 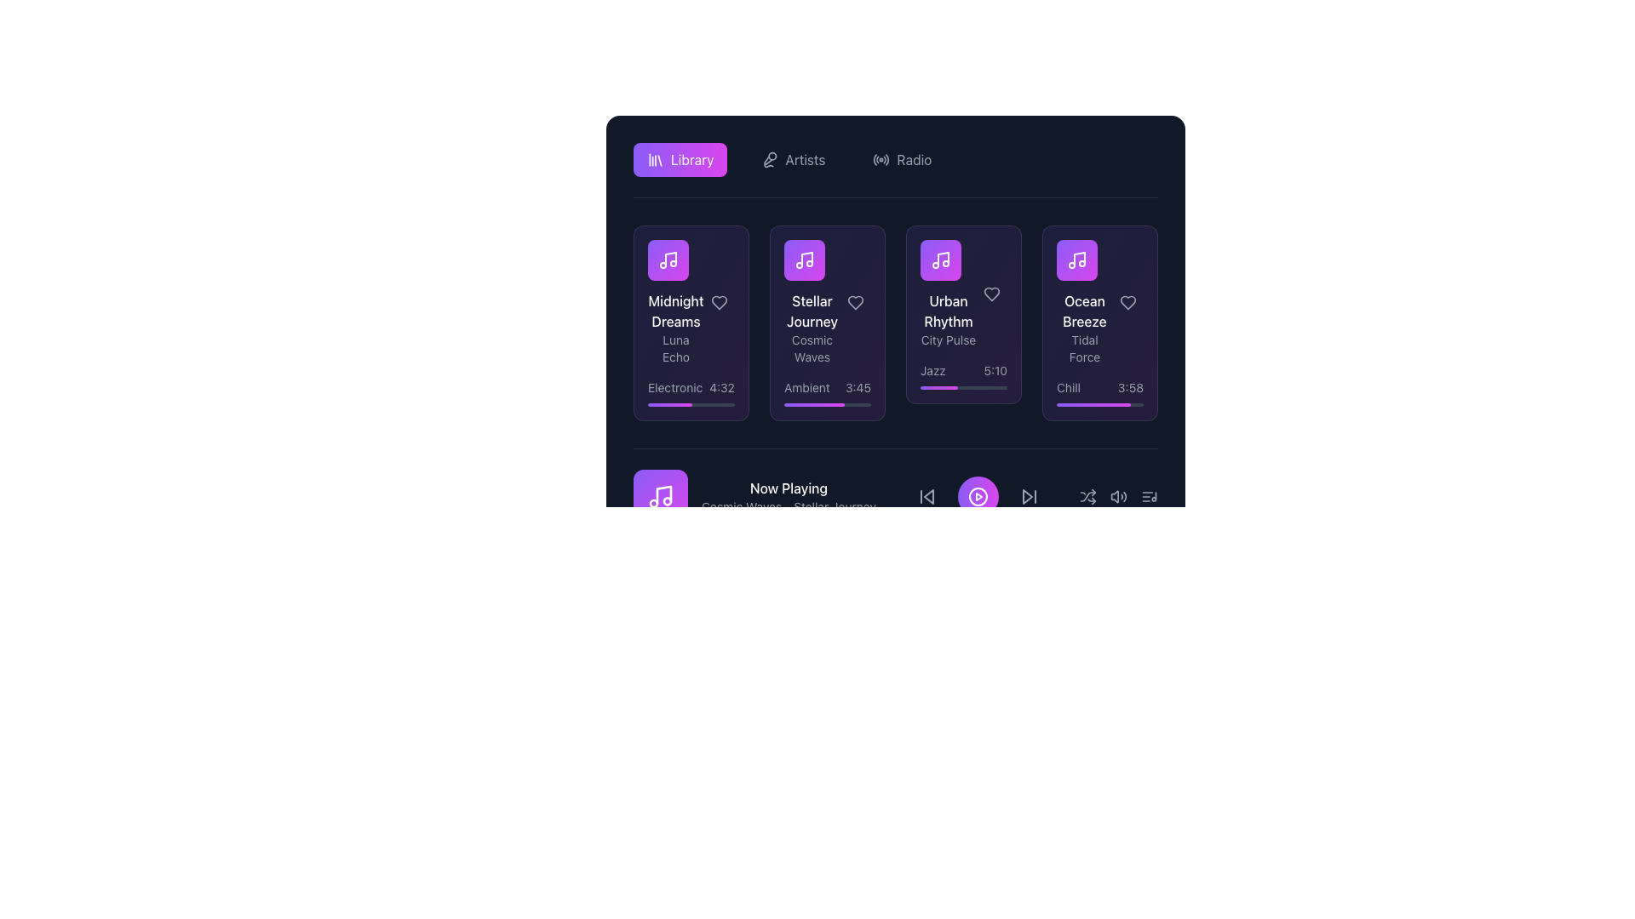 I want to click on the 'Ocean Breeze' text label, which is a white medium-sized font label located above the 'Tidal Force' text, so click(x=1083, y=311).